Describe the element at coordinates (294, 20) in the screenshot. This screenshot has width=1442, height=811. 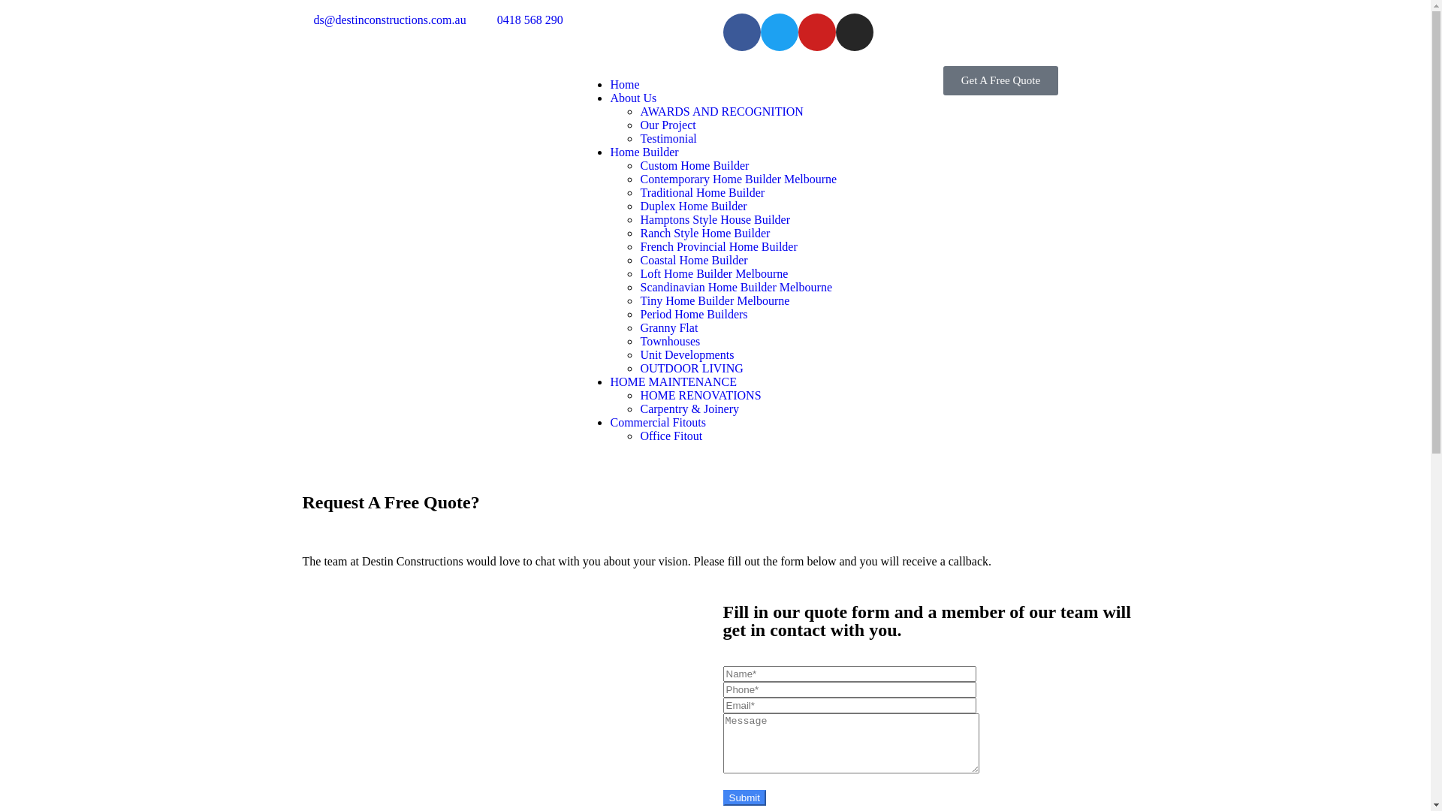
I see `'ds@destinconstructions.com.au'` at that location.